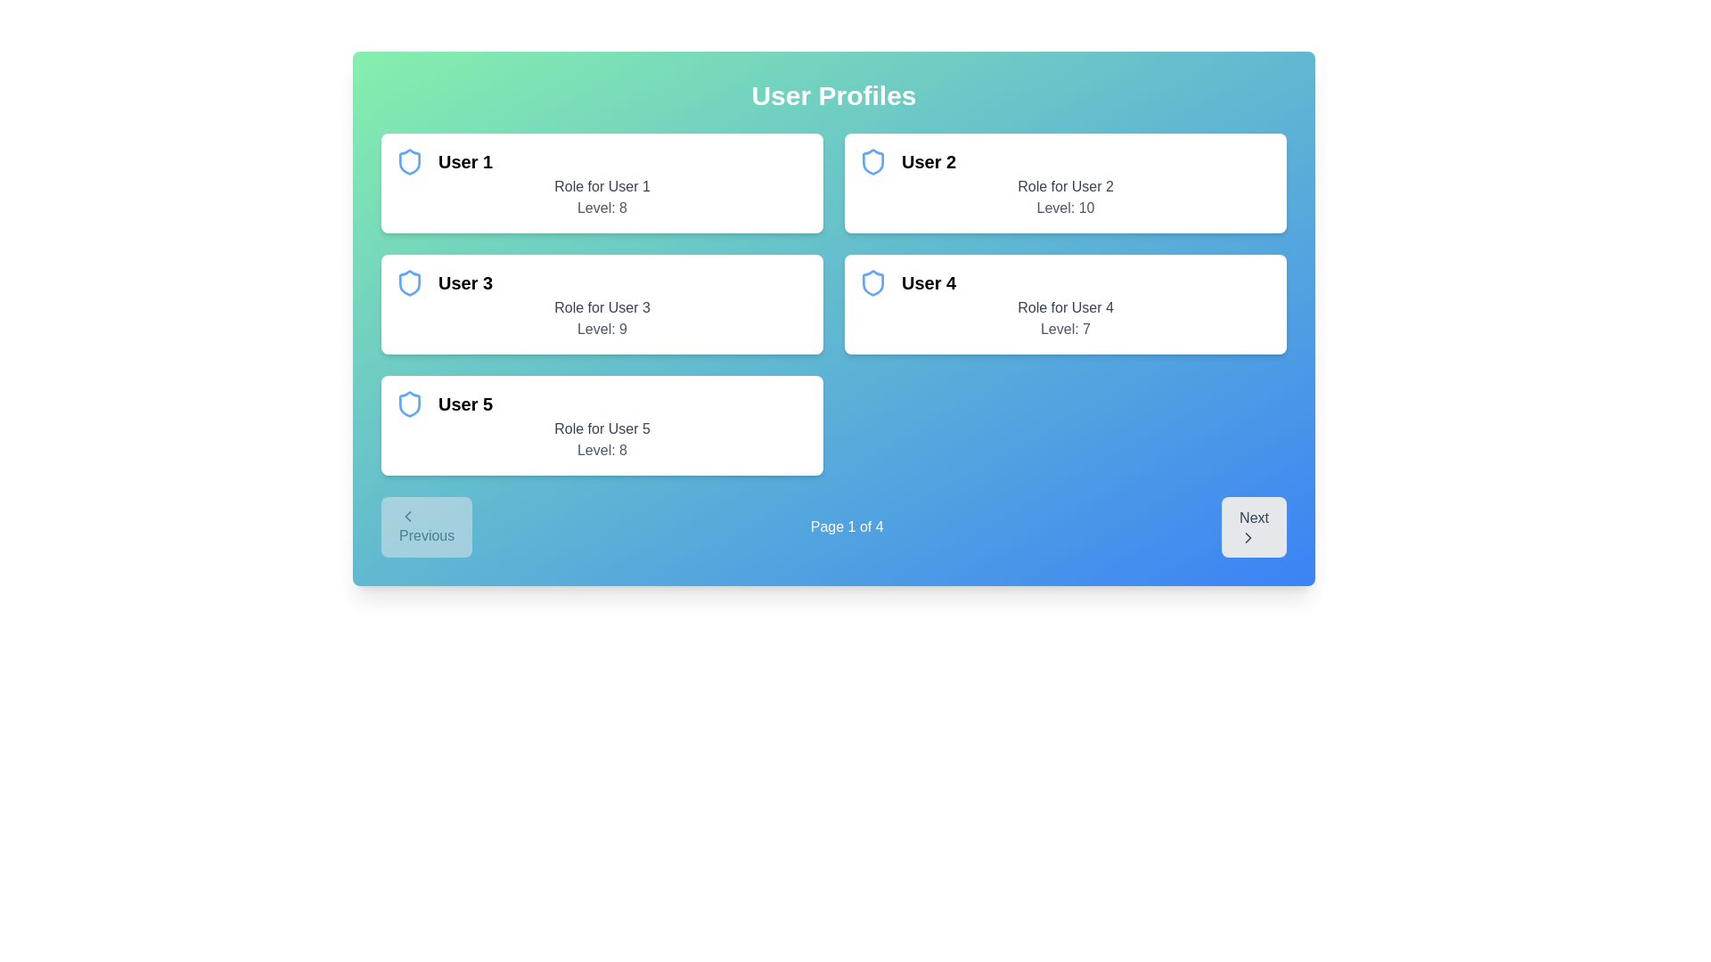 The width and height of the screenshot is (1711, 962). What do you see at coordinates (602, 208) in the screenshot?
I see `the static informational label indicating the level associated with 'User 1' within the card labeled 'User 1'` at bounding box center [602, 208].